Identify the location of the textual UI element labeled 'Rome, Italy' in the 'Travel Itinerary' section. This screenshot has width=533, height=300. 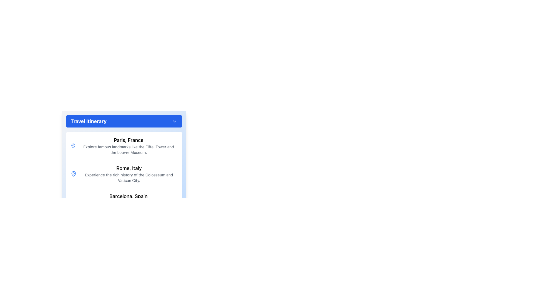
(129, 173).